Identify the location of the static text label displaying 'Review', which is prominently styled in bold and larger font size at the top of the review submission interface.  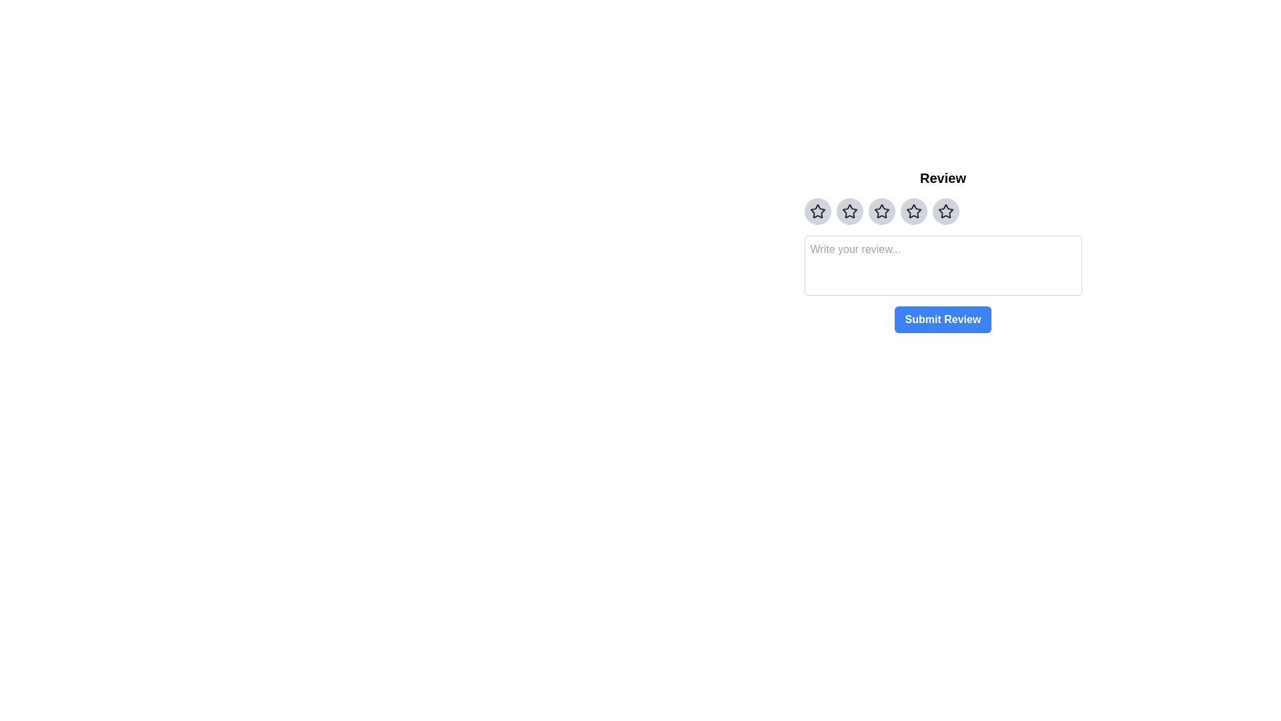
(942, 177).